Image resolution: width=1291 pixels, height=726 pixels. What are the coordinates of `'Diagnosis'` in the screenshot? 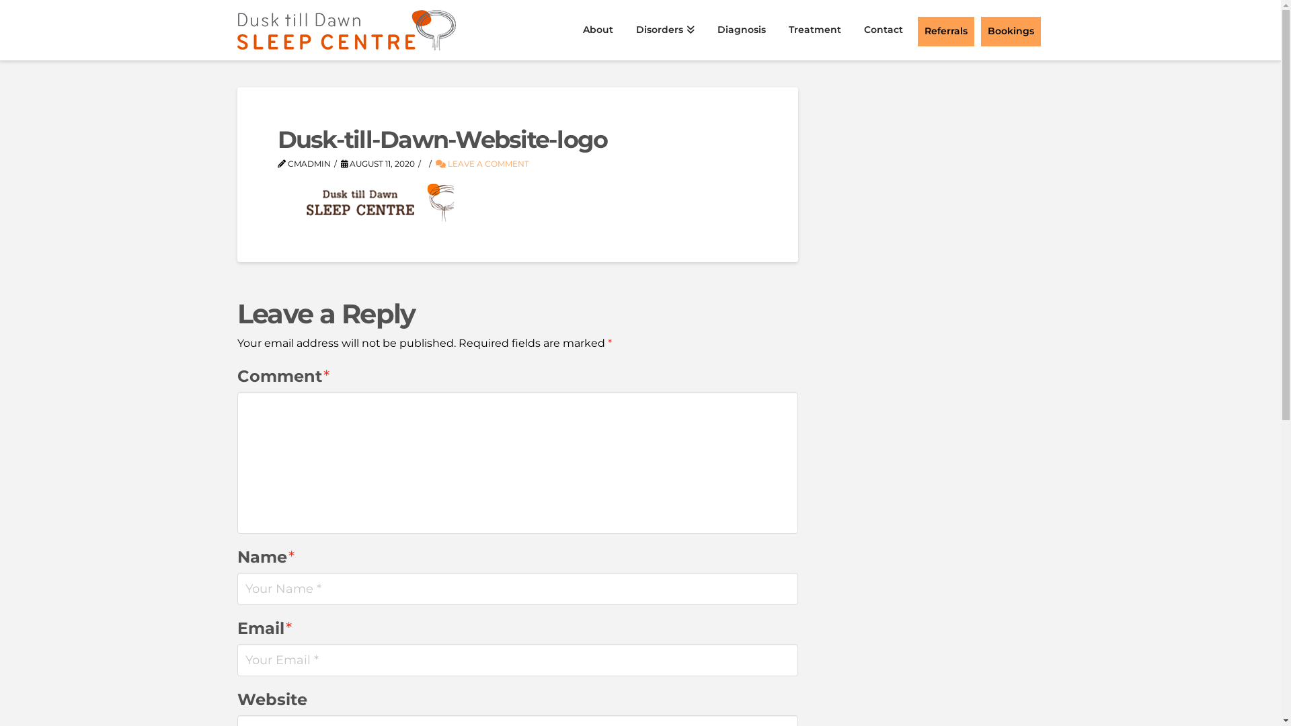 It's located at (741, 30).